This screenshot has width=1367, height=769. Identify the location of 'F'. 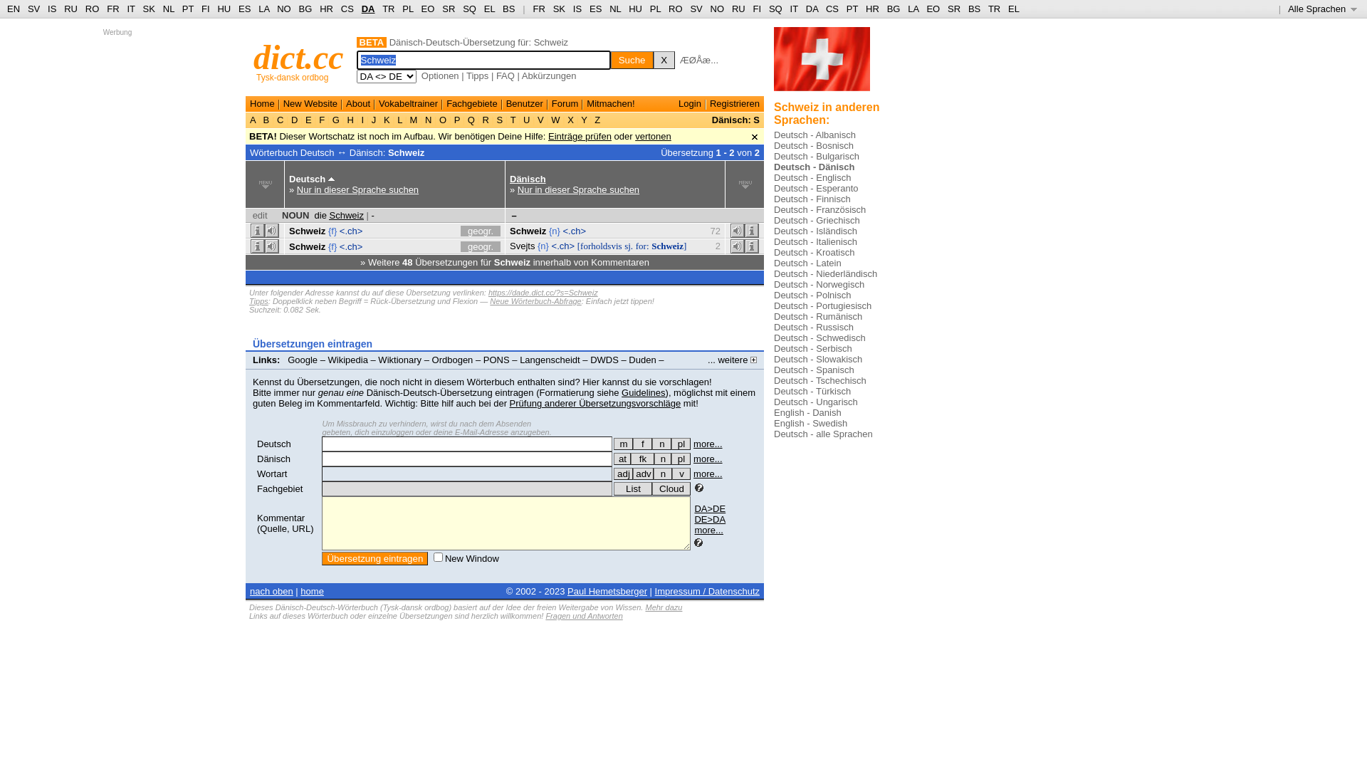
(316, 119).